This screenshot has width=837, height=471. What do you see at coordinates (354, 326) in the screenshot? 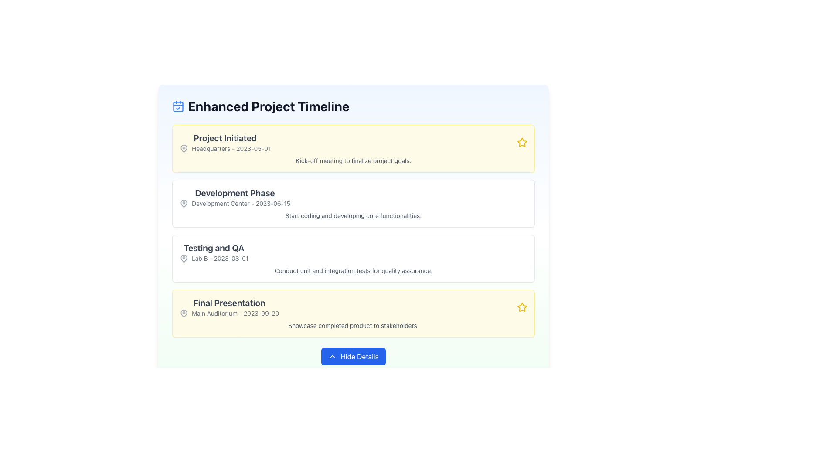
I see `the single-line gray text element located below 'Main Auditorium - 2023-09-20' in the 'Final Presentation' section` at bounding box center [354, 326].